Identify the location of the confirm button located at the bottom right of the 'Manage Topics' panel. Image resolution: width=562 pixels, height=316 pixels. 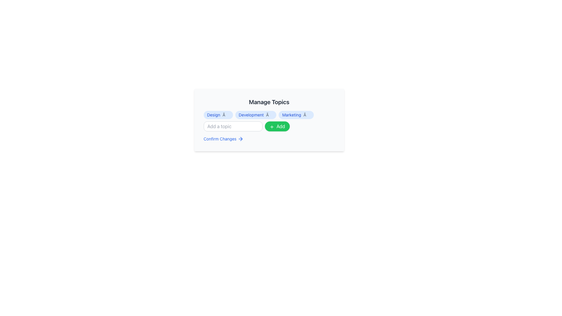
(223, 139).